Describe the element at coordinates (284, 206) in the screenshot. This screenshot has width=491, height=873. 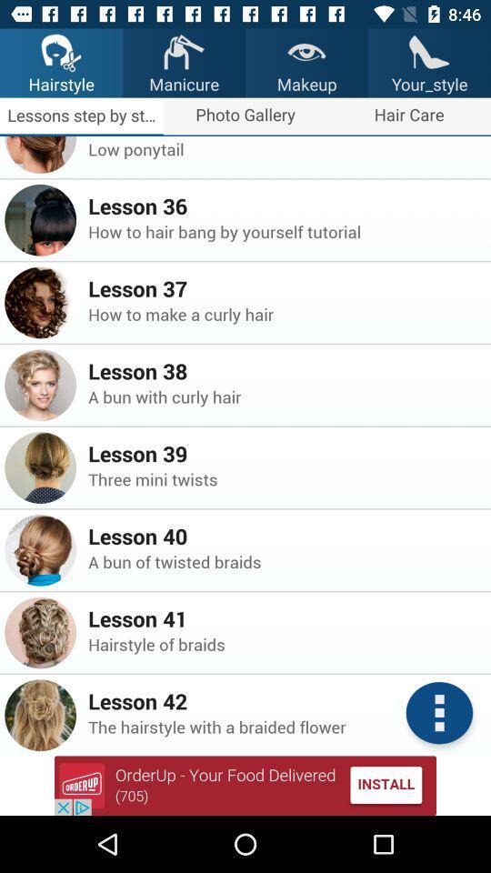
I see `lesson 36 icon` at that location.